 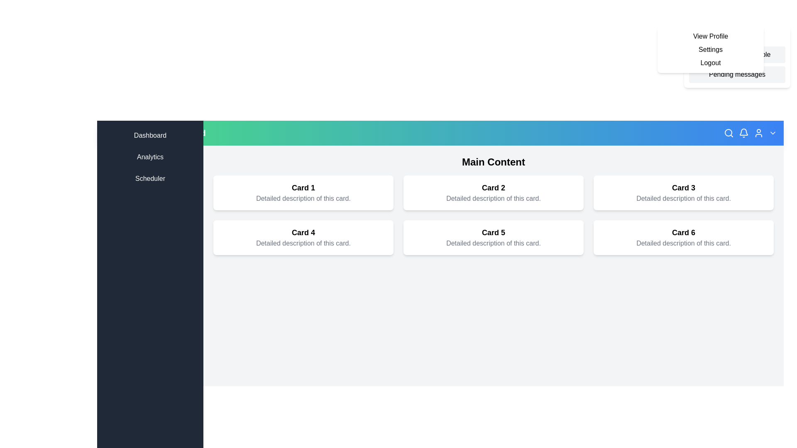 I want to click on the text element labeled 'Card 3', so click(x=683, y=187).